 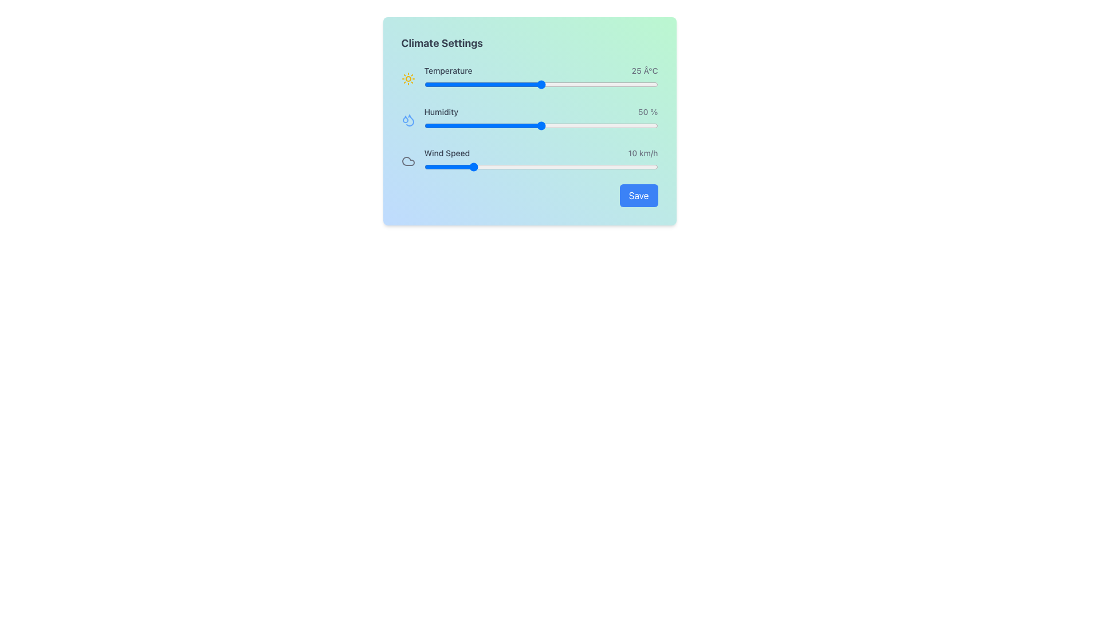 I want to click on humidity, so click(x=512, y=125).